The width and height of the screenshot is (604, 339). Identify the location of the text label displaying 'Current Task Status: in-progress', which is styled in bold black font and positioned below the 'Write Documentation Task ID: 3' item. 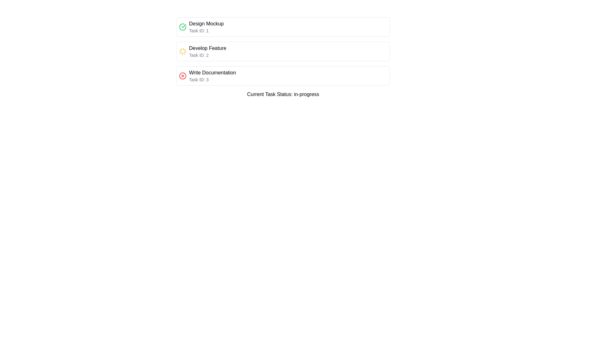
(283, 94).